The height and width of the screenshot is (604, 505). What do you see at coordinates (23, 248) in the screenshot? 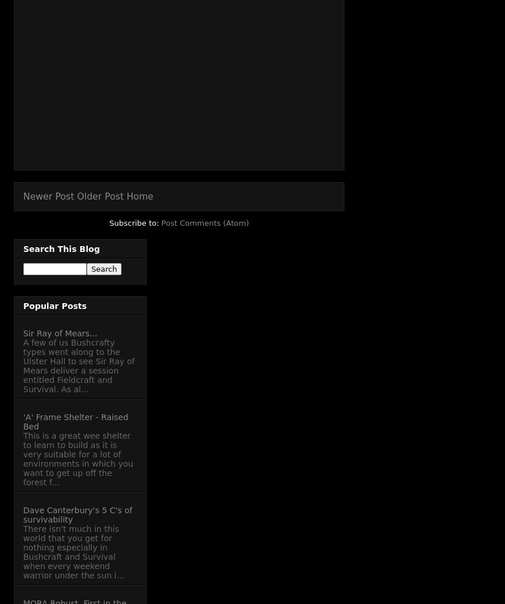
I see `'Search This Blog'` at bounding box center [23, 248].